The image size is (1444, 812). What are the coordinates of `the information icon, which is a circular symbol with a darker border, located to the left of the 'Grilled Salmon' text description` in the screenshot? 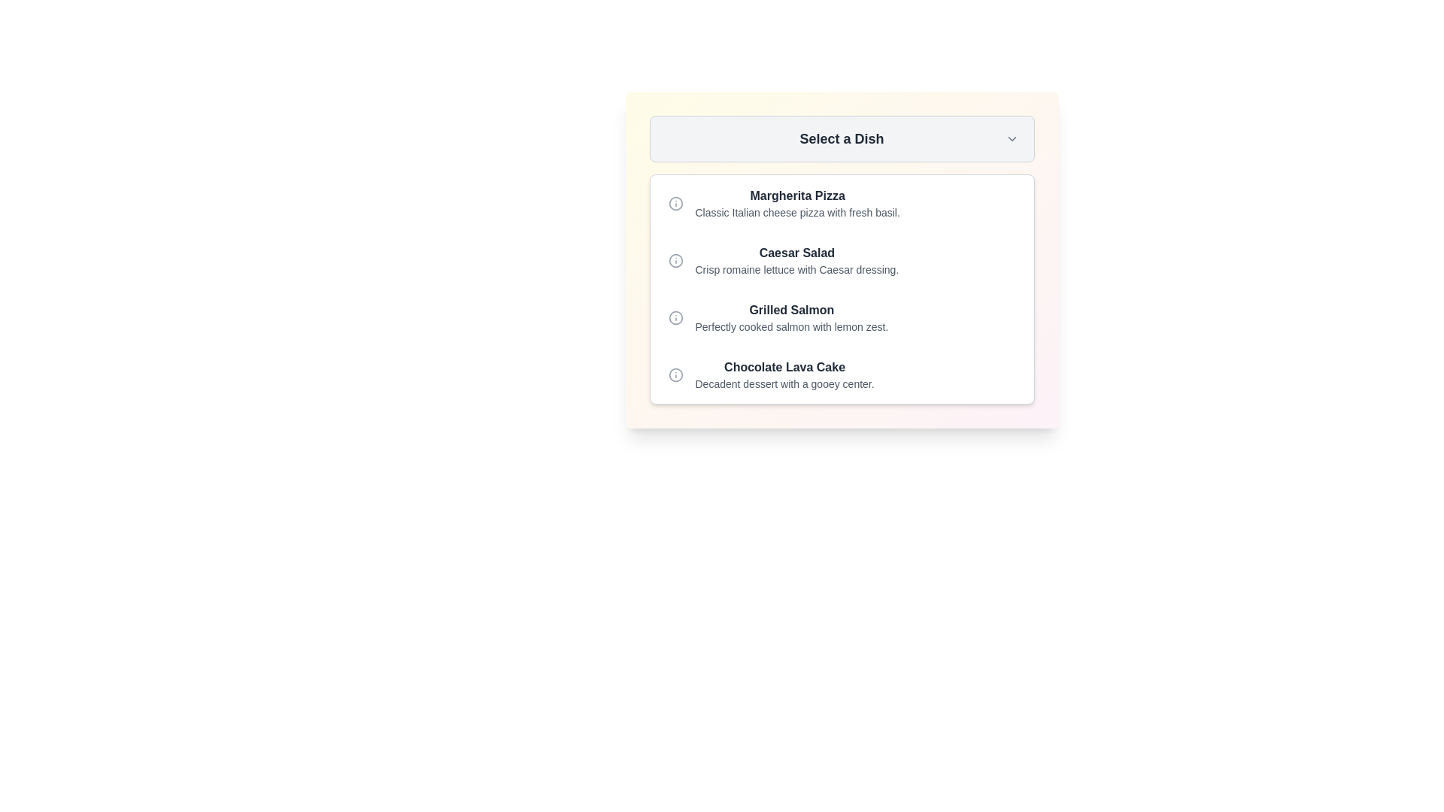 It's located at (675, 317).